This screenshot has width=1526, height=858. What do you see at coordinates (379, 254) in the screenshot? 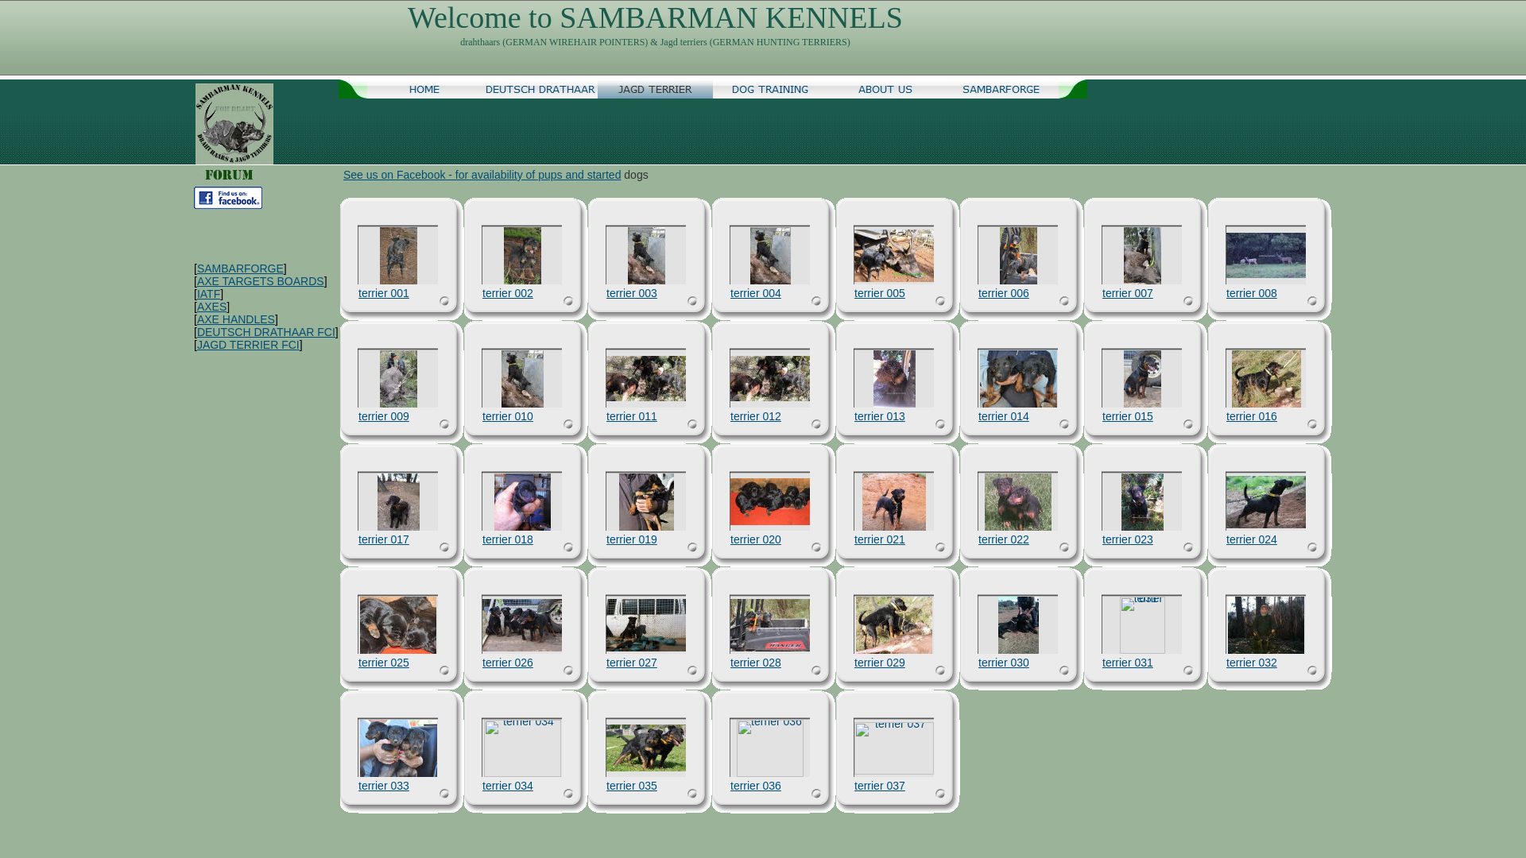
I see `'terrier 001'` at bounding box center [379, 254].